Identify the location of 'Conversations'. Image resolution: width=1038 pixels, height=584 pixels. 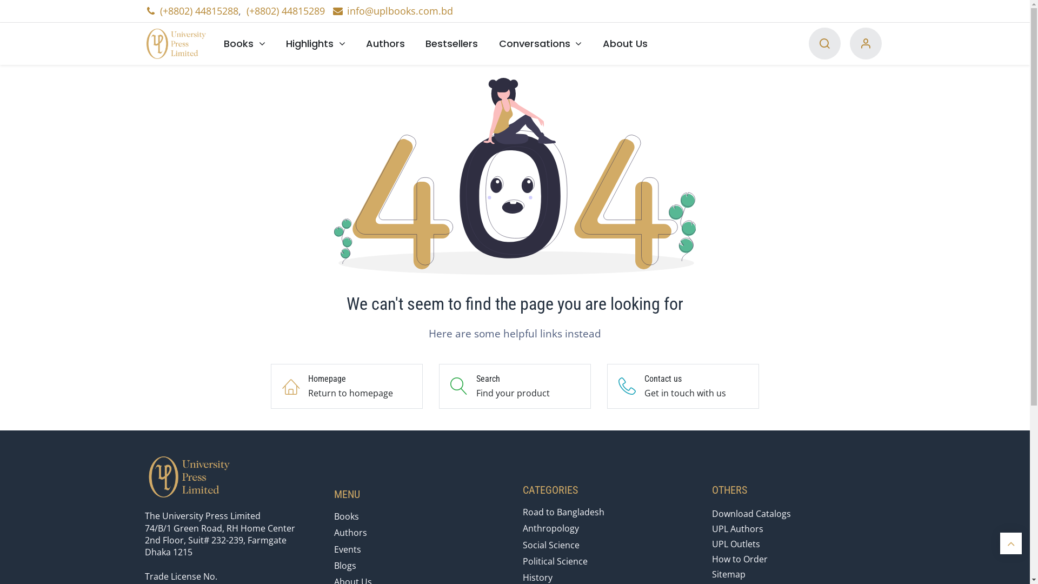
(540, 43).